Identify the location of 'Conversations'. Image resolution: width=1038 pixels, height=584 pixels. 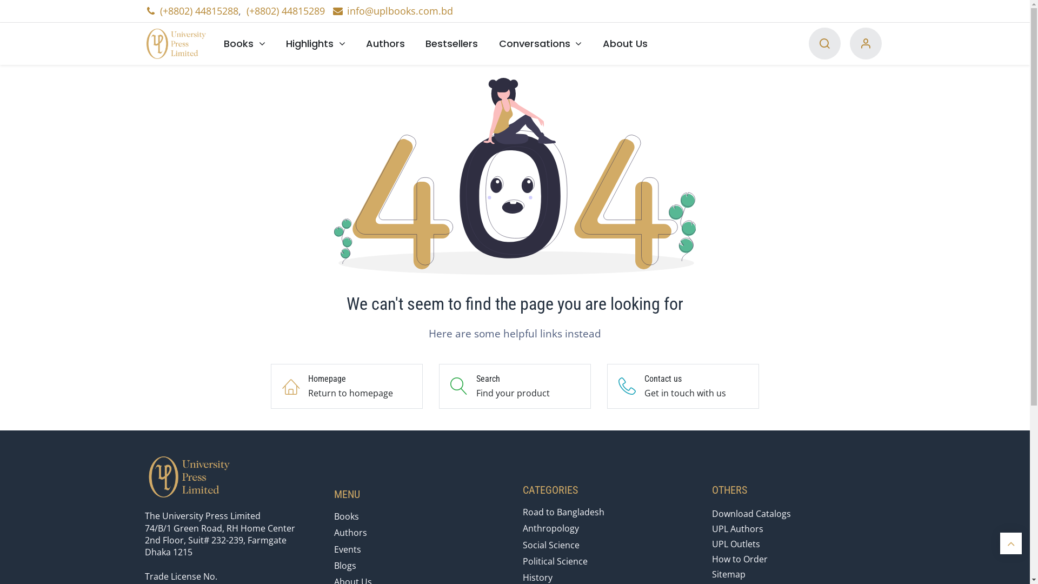
(540, 43).